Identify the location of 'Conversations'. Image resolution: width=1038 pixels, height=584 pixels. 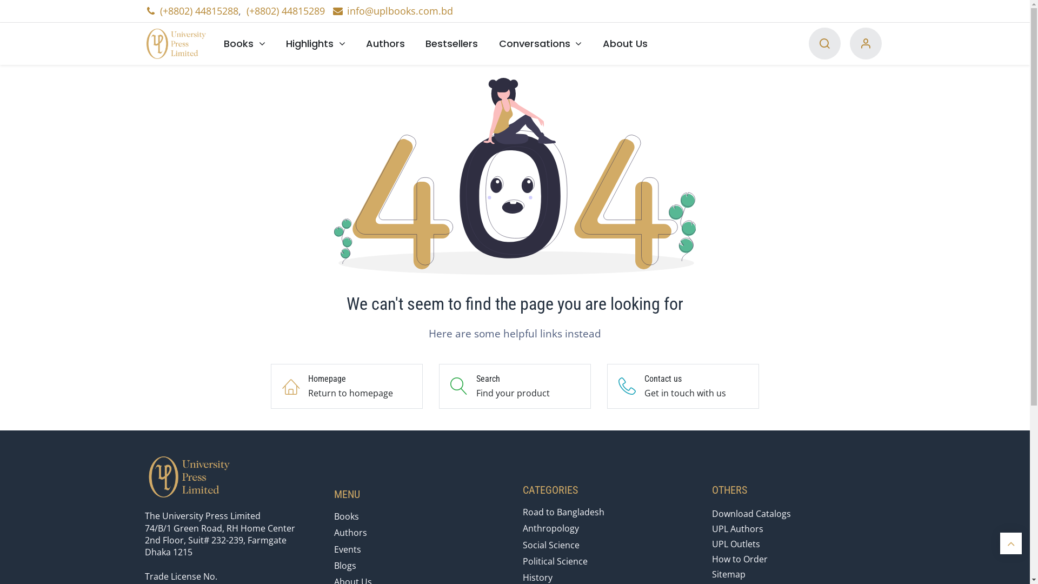
(540, 43).